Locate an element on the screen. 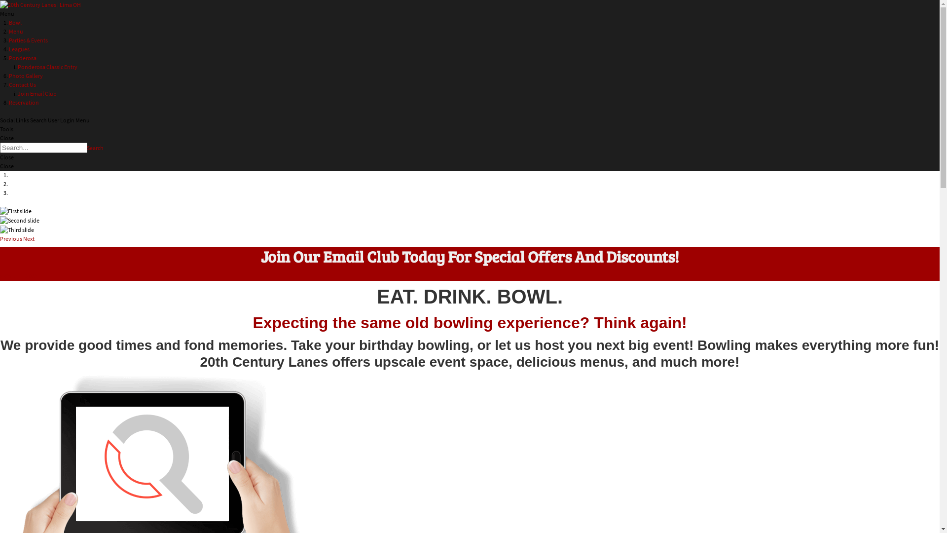  'Ponderosa Classic Entry' is located at coordinates (17, 67).